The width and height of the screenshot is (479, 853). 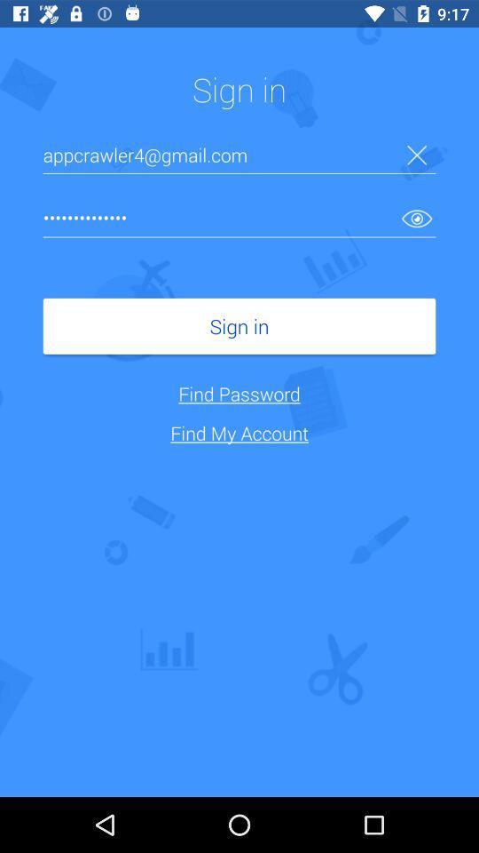 What do you see at coordinates (417, 154) in the screenshot?
I see `the close icon` at bounding box center [417, 154].